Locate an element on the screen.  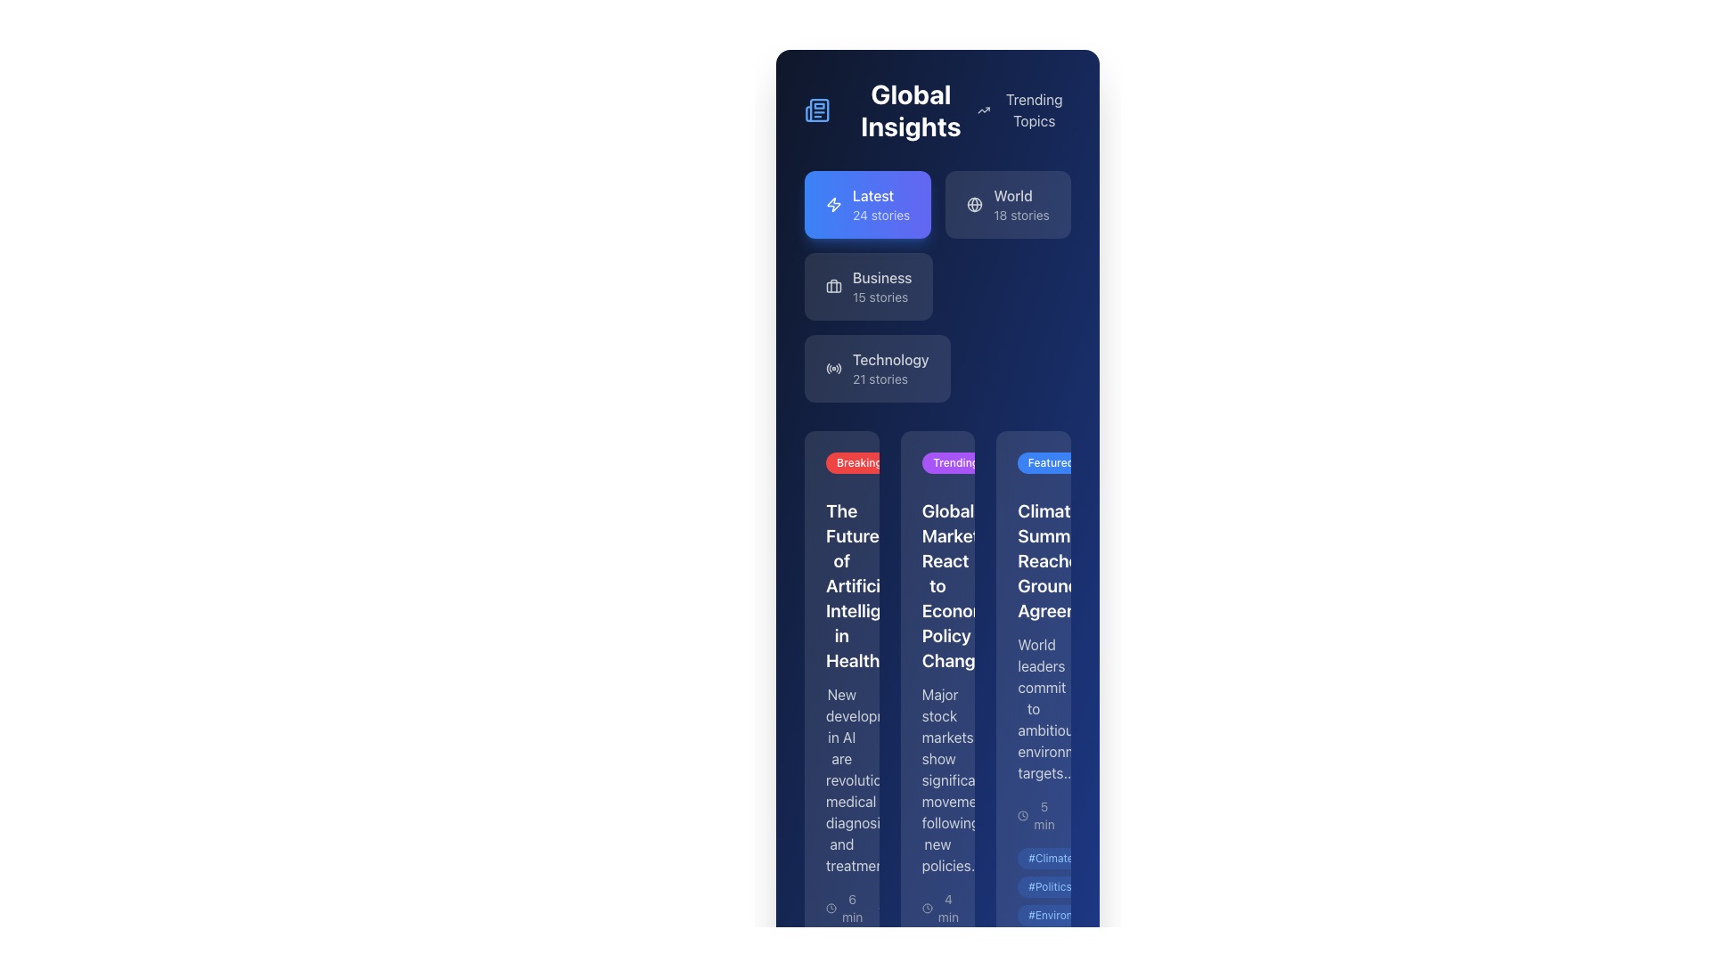
trending tag label located in the second column of the layout, positioned at the top of its column, to understand its purpose is located at coordinates (954, 462).